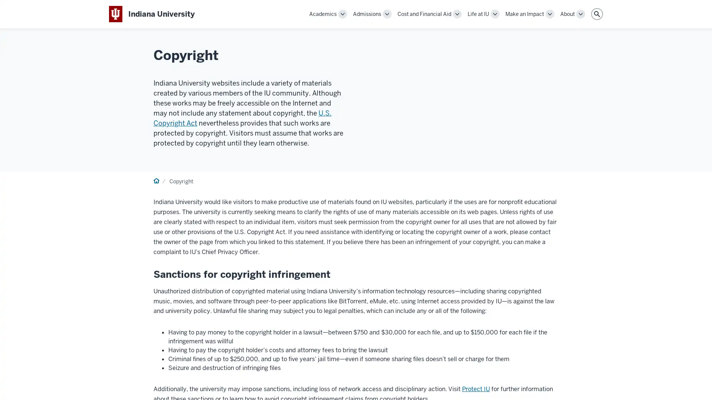  What do you see at coordinates (457, 14) in the screenshot?
I see `Toggle Cost and Financial Aid navigation` at bounding box center [457, 14].